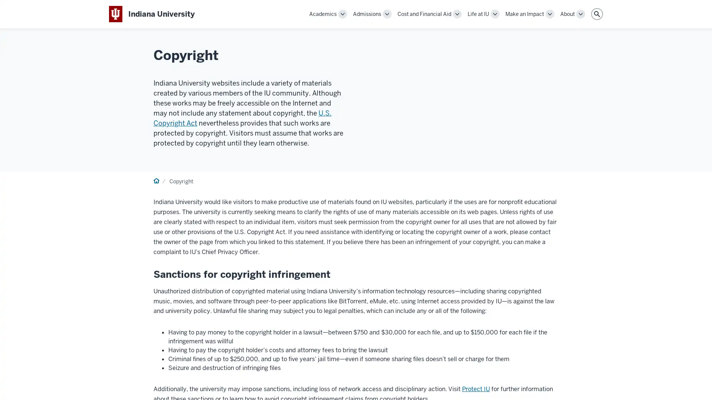  What do you see at coordinates (457, 14) in the screenshot?
I see `Toggle Cost and Financial Aid navigation` at bounding box center [457, 14].